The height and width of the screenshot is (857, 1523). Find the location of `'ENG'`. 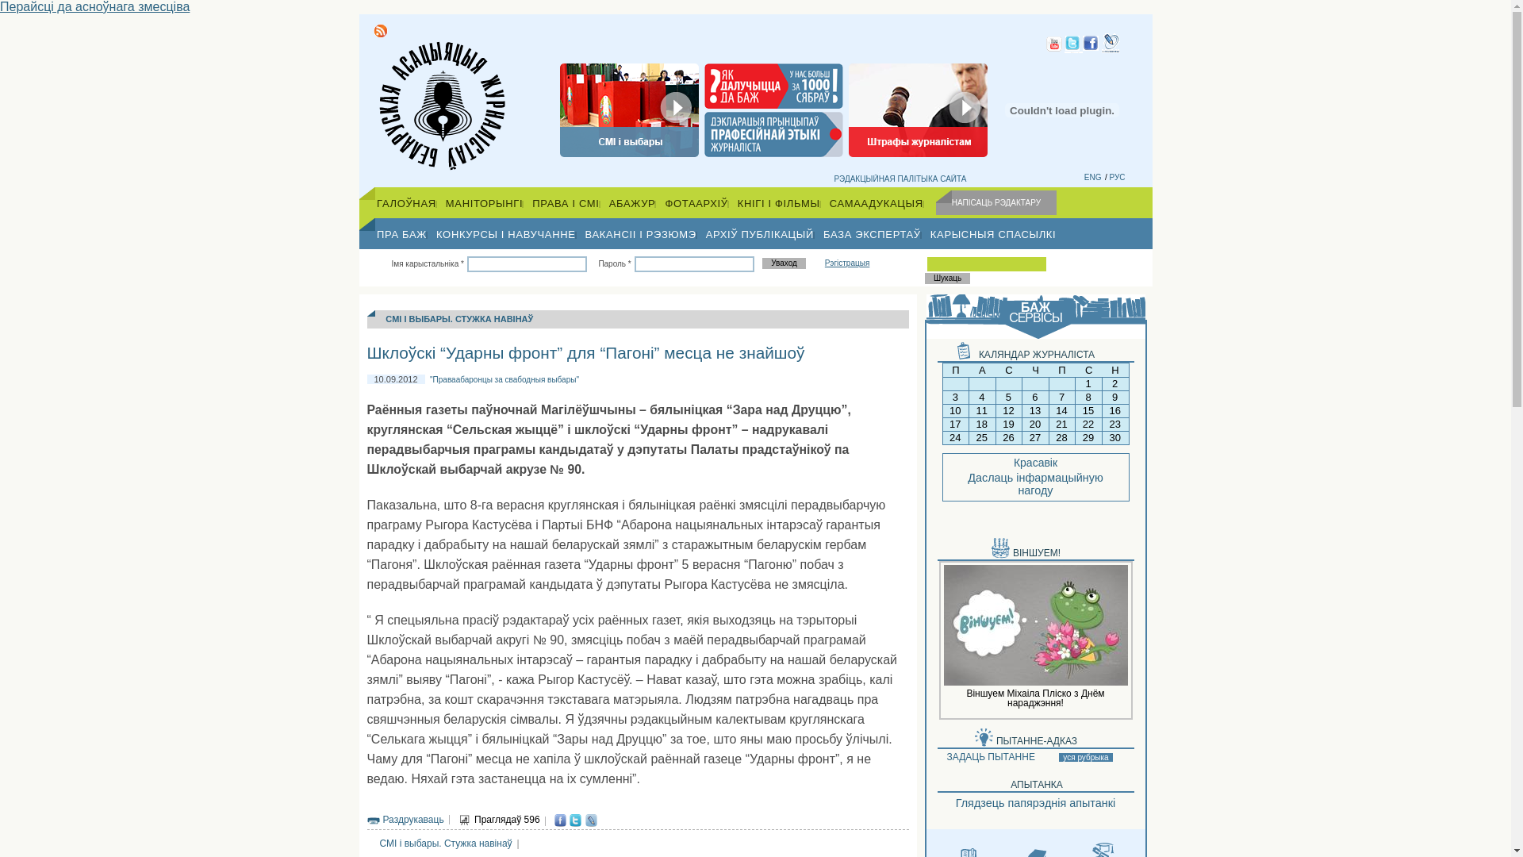

'ENG' is located at coordinates (1091, 177).